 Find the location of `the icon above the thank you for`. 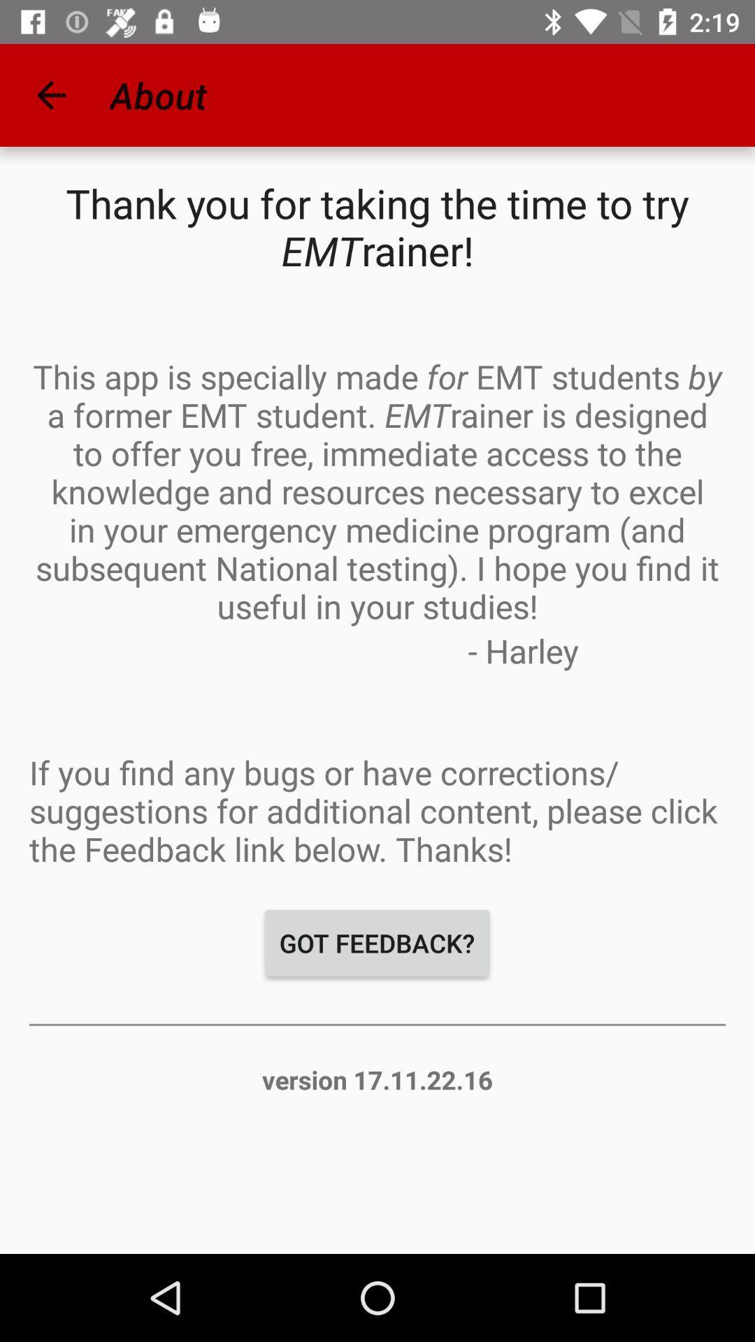

the icon above the thank you for is located at coordinates (50, 94).